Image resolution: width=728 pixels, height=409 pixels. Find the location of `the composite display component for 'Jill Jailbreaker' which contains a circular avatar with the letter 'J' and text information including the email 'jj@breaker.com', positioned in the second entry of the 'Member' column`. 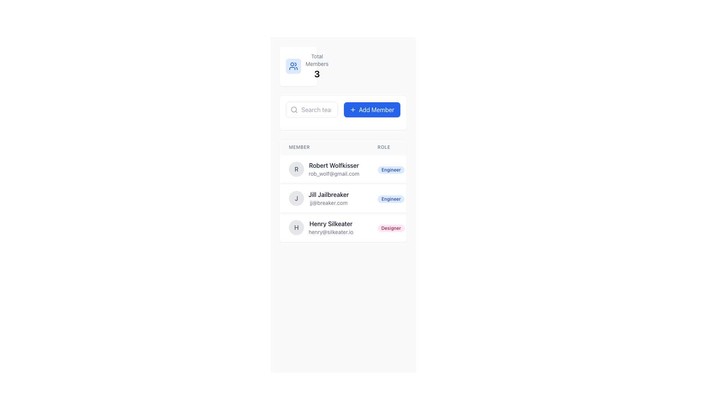

the composite display component for 'Jill Jailbreaker' which contains a circular avatar with the letter 'J' and text information including the email 'jj@breaker.com', positioned in the second entry of the 'Member' column is located at coordinates (324, 198).